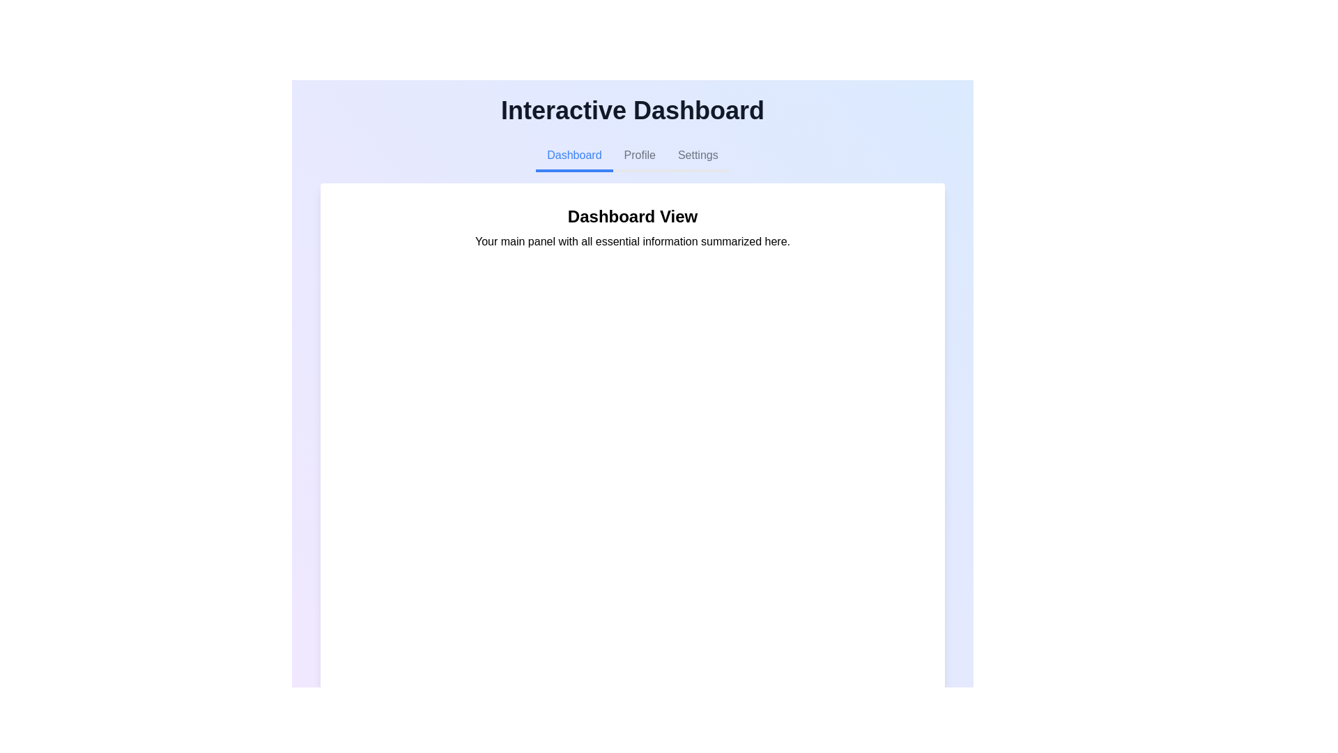  Describe the element at coordinates (631, 241) in the screenshot. I see `the text element containing 'Your main panel with all essential information summarized here.' positioned directly beneath 'Dashboard View.'` at that location.